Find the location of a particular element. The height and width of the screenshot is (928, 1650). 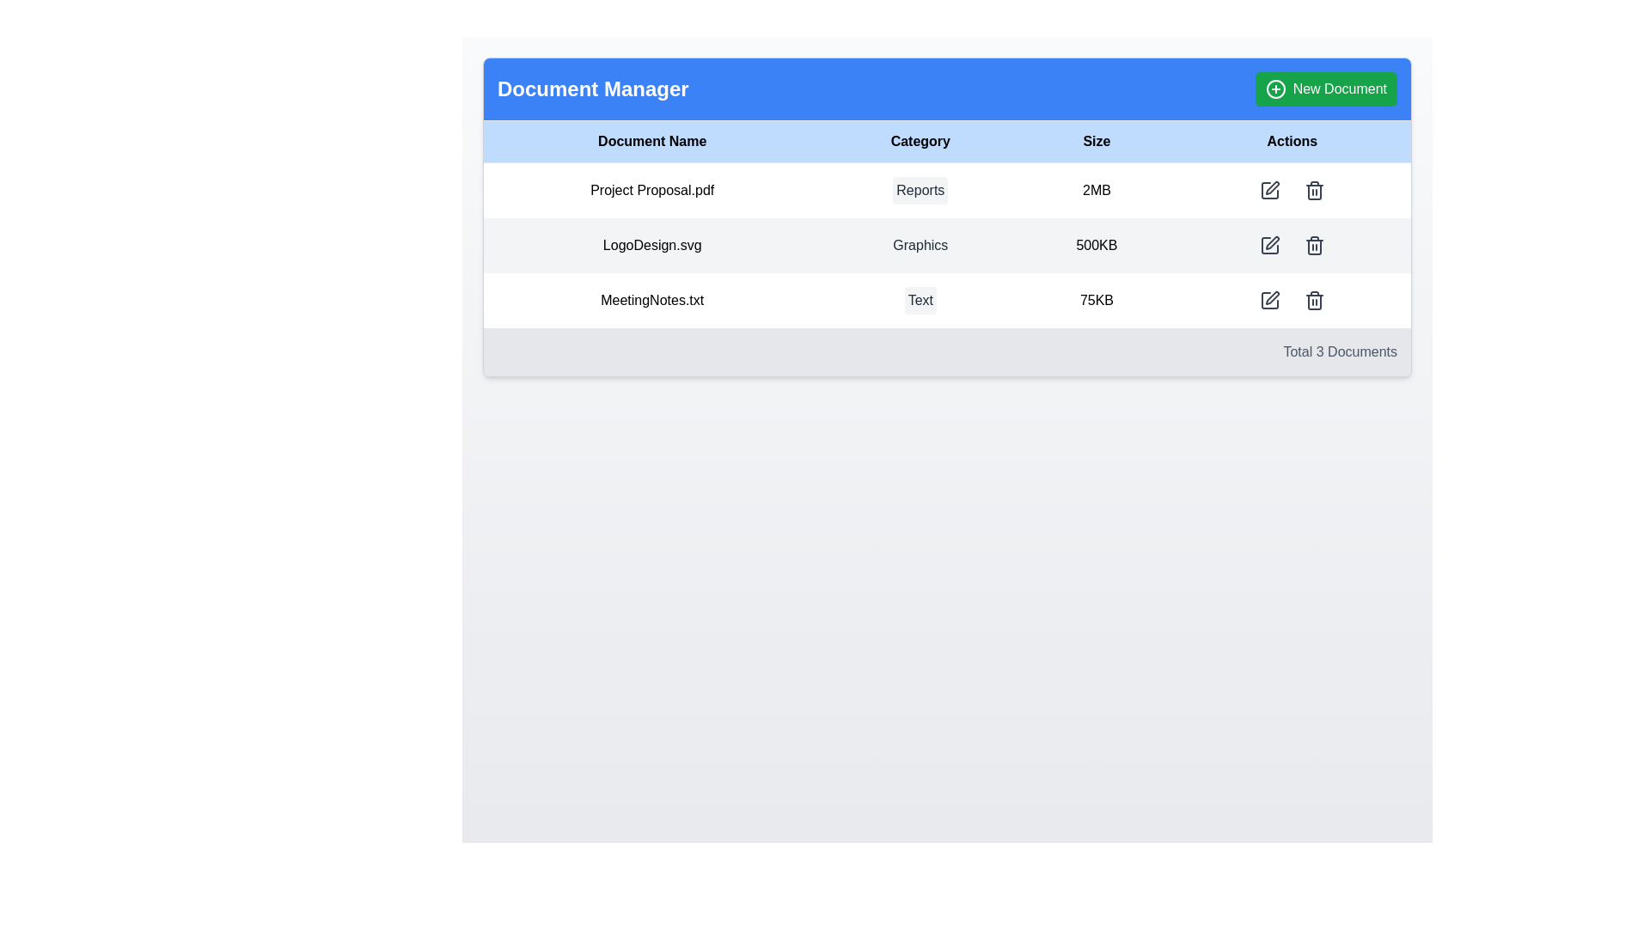

the trash bin icon button in the 'Actions' column of the first row is located at coordinates (1313, 191).